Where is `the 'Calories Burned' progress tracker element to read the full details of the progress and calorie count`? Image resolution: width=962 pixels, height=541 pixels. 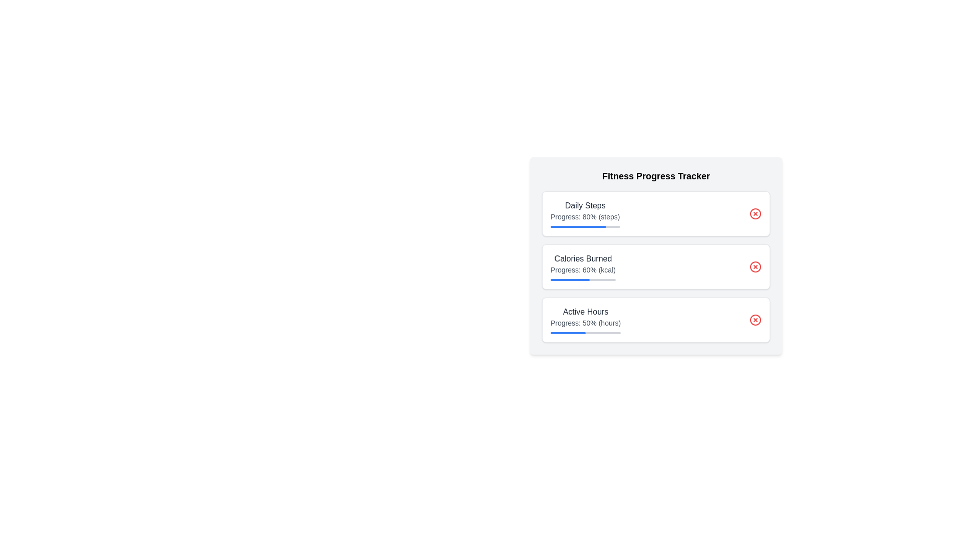
the 'Calories Burned' progress tracker element to read the full details of the progress and calorie count is located at coordinates (583, 266).